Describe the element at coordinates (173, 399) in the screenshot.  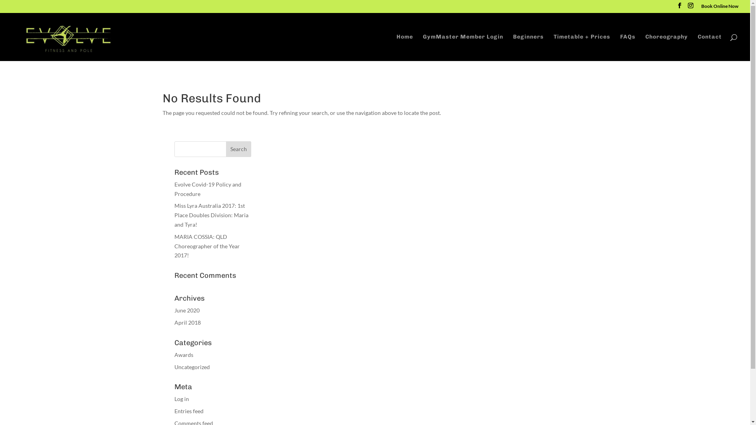
I see `'Log in'` at that location.